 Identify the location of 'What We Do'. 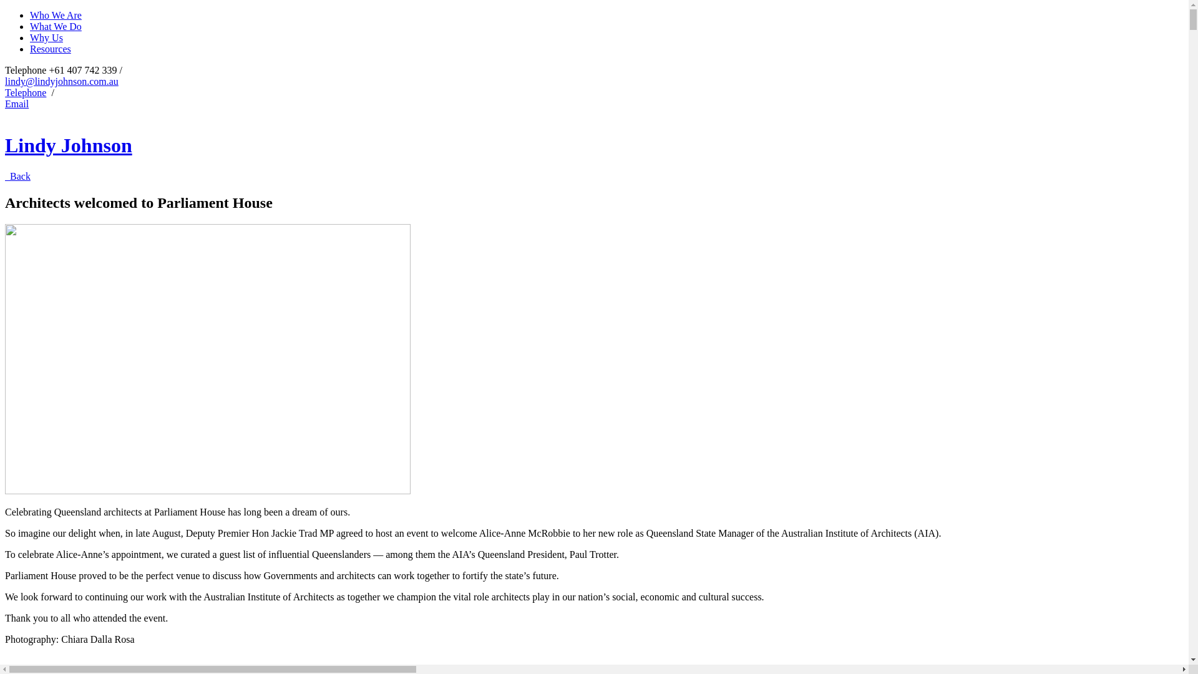
(55, 26).